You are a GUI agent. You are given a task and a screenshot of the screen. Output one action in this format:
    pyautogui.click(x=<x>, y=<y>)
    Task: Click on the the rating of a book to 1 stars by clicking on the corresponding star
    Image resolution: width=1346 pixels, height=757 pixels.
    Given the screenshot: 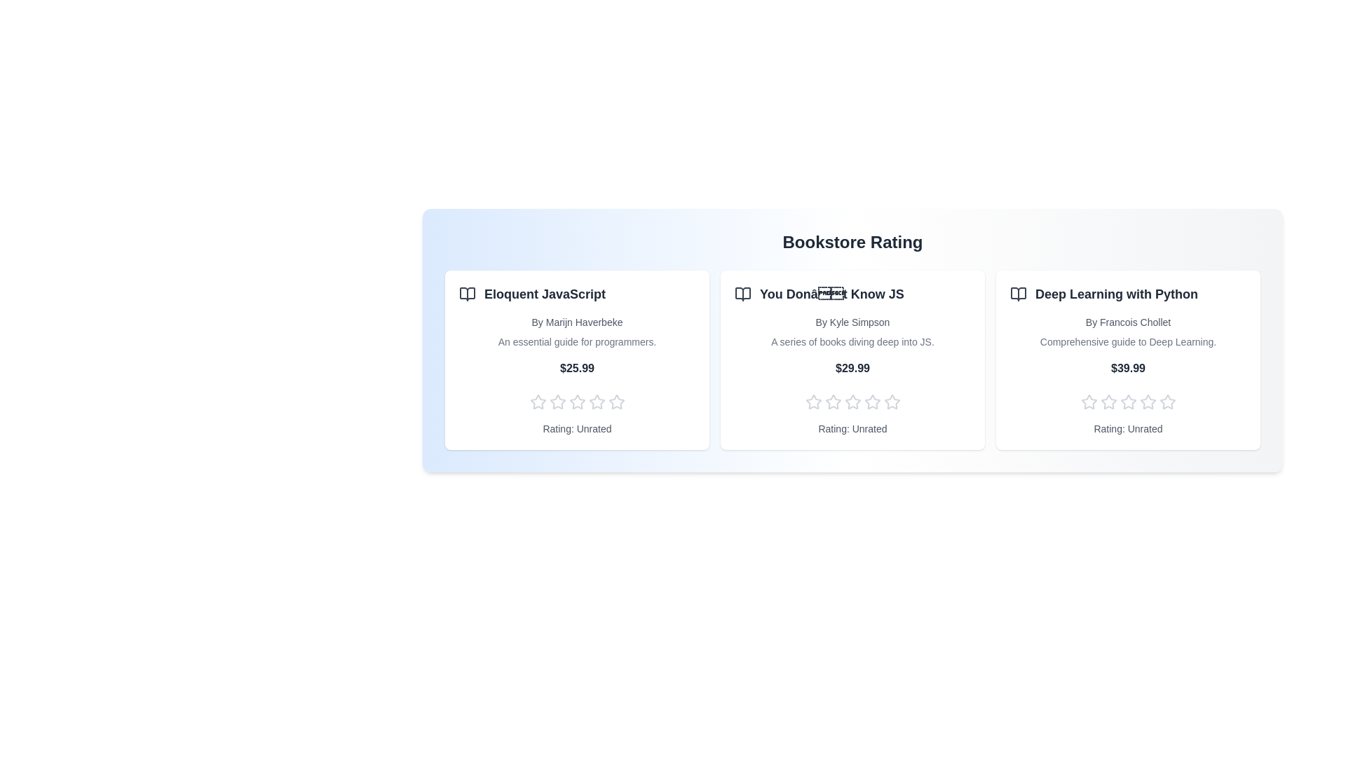 What is the action you would take?
    pyautogui.click(x=537, y=402)
    